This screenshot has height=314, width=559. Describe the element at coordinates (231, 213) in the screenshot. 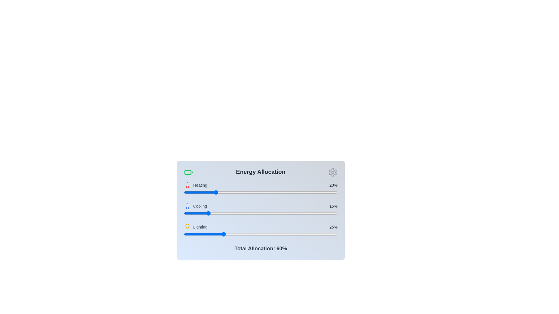

I see `the cooling allocation slider to 31%` at that location.